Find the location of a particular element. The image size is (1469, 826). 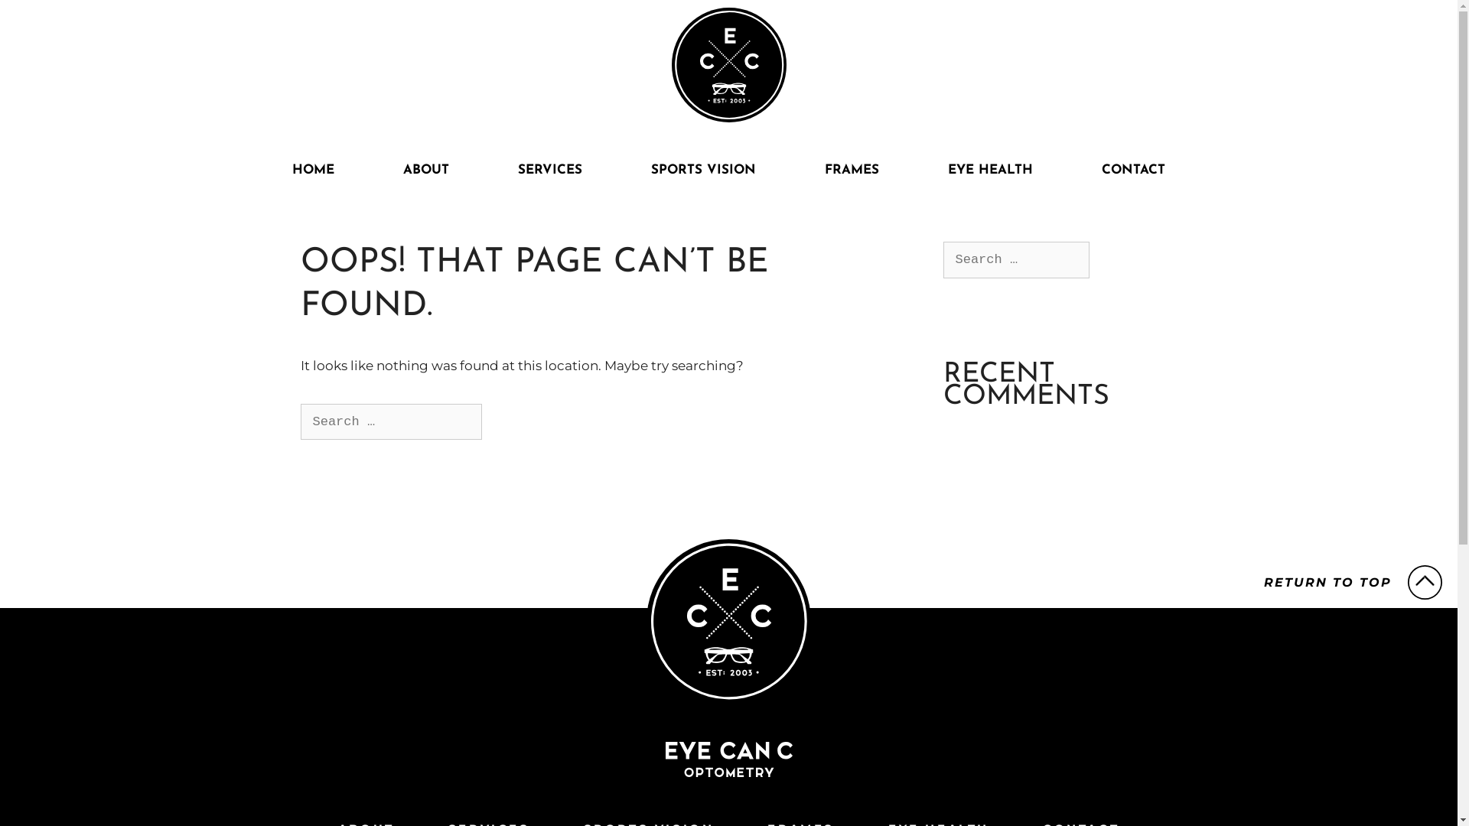

'CONTACT' is located at coordinates (1133, 171).